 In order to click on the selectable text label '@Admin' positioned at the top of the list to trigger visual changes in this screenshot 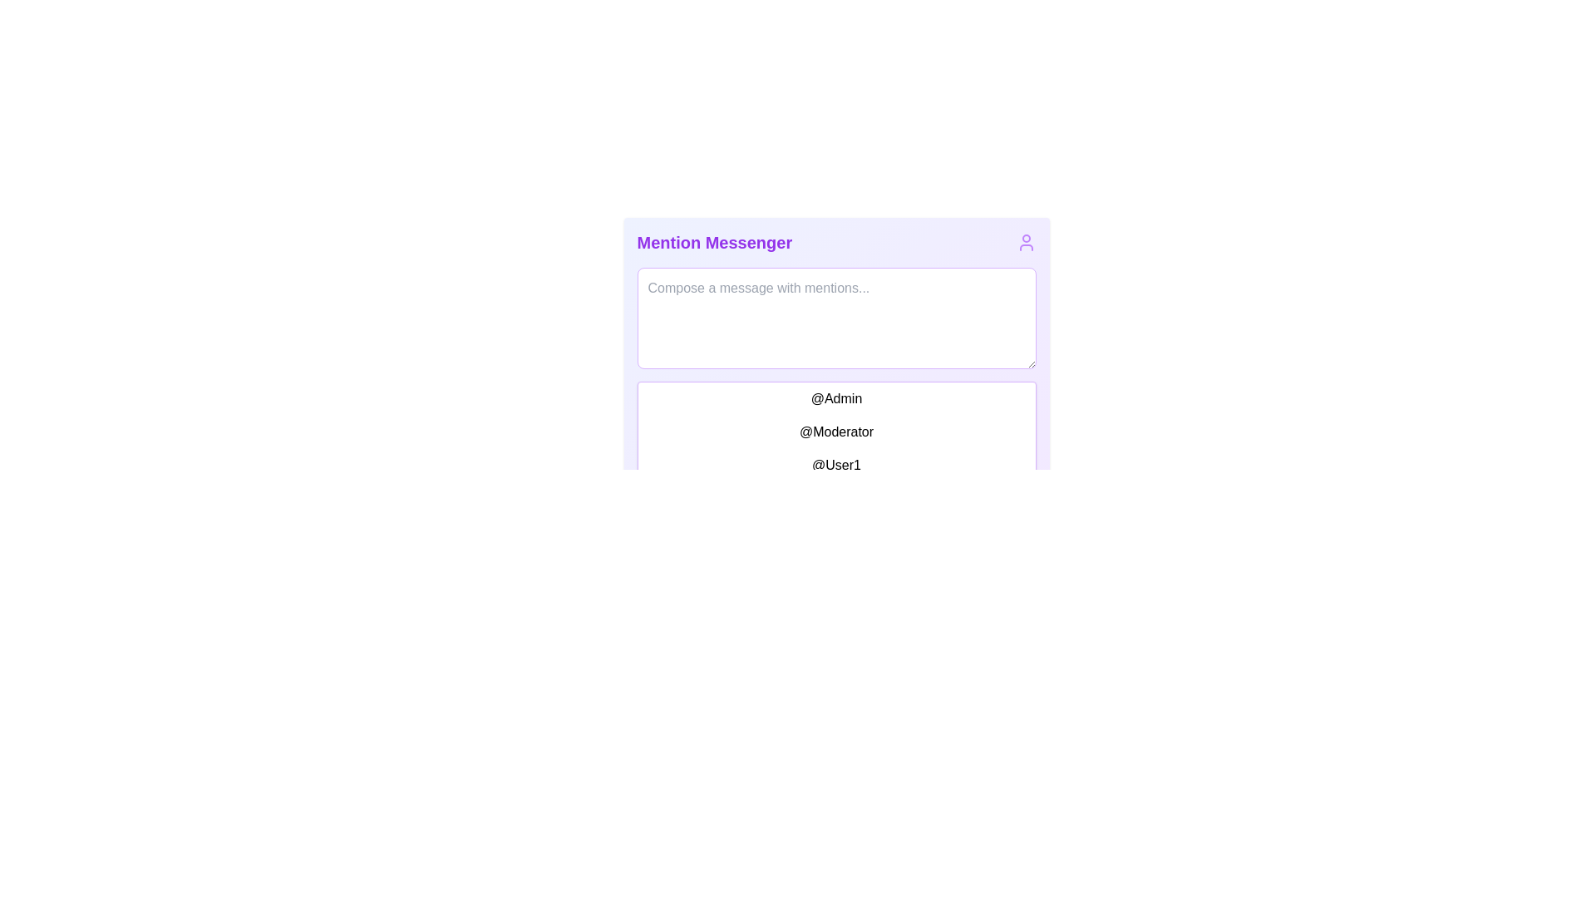, I will do `click(836, 398)`.